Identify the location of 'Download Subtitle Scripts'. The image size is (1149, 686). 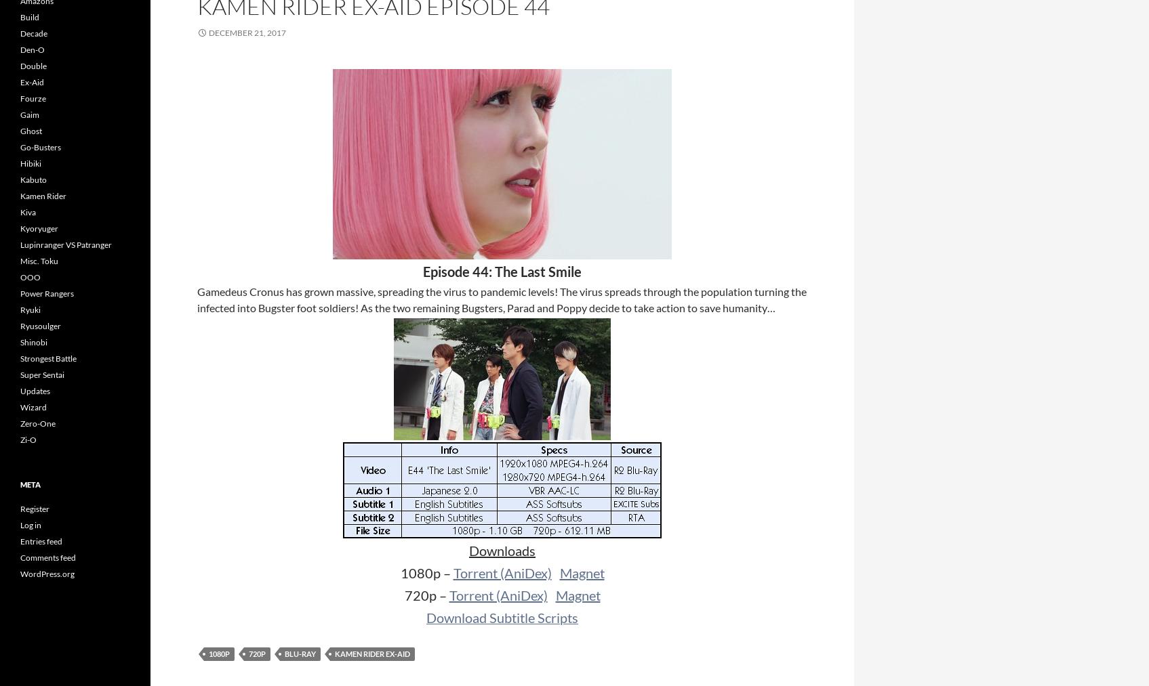
(502, 617).